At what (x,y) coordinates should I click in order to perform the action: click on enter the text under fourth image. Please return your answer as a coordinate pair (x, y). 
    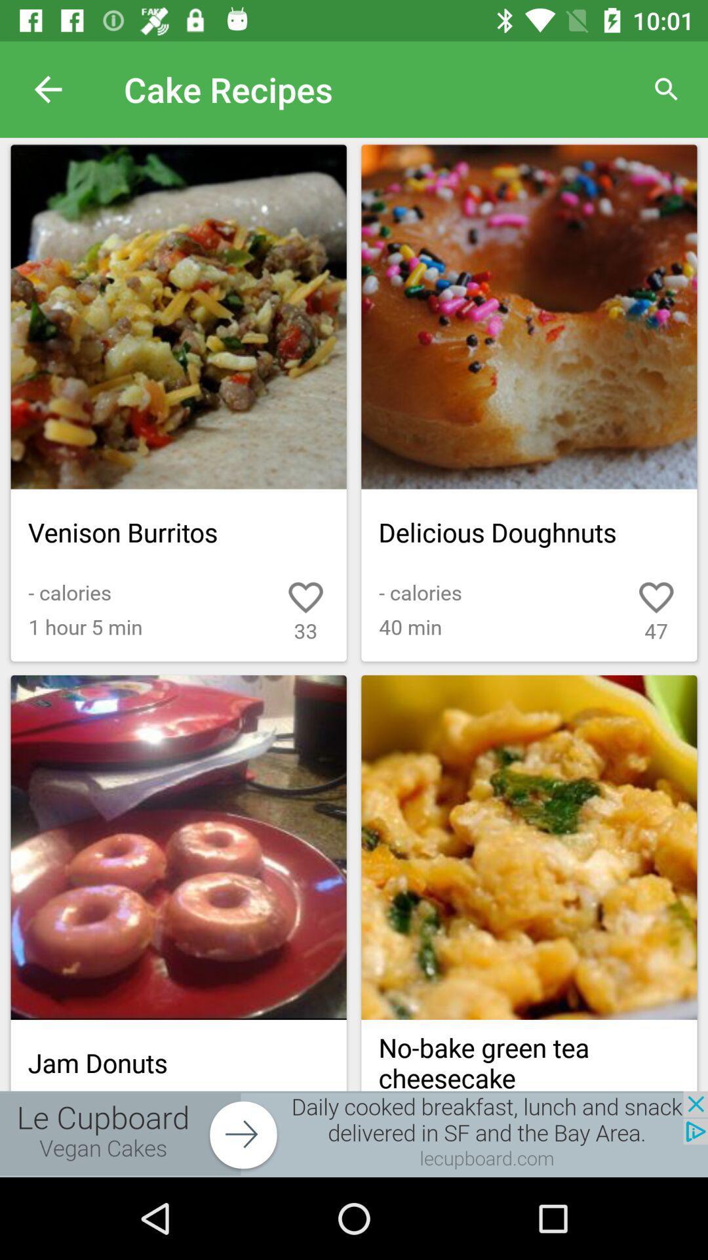
    Looking at the image, I should click on (528, 1055).